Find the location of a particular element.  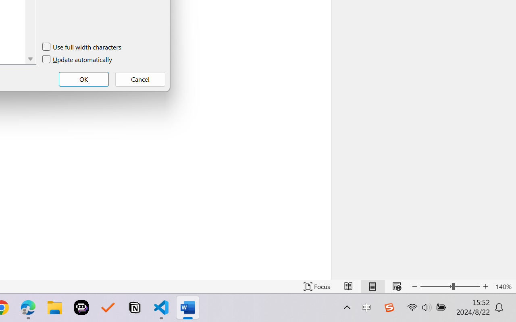

'Notion' is located at coordinates (135, 308).